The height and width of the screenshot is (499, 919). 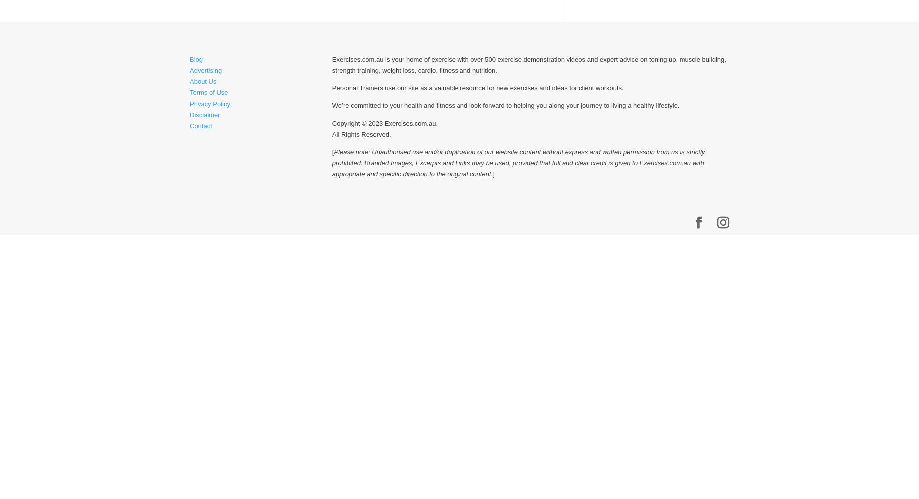 I want to click on 'Contact', so click(x=200, y=125).